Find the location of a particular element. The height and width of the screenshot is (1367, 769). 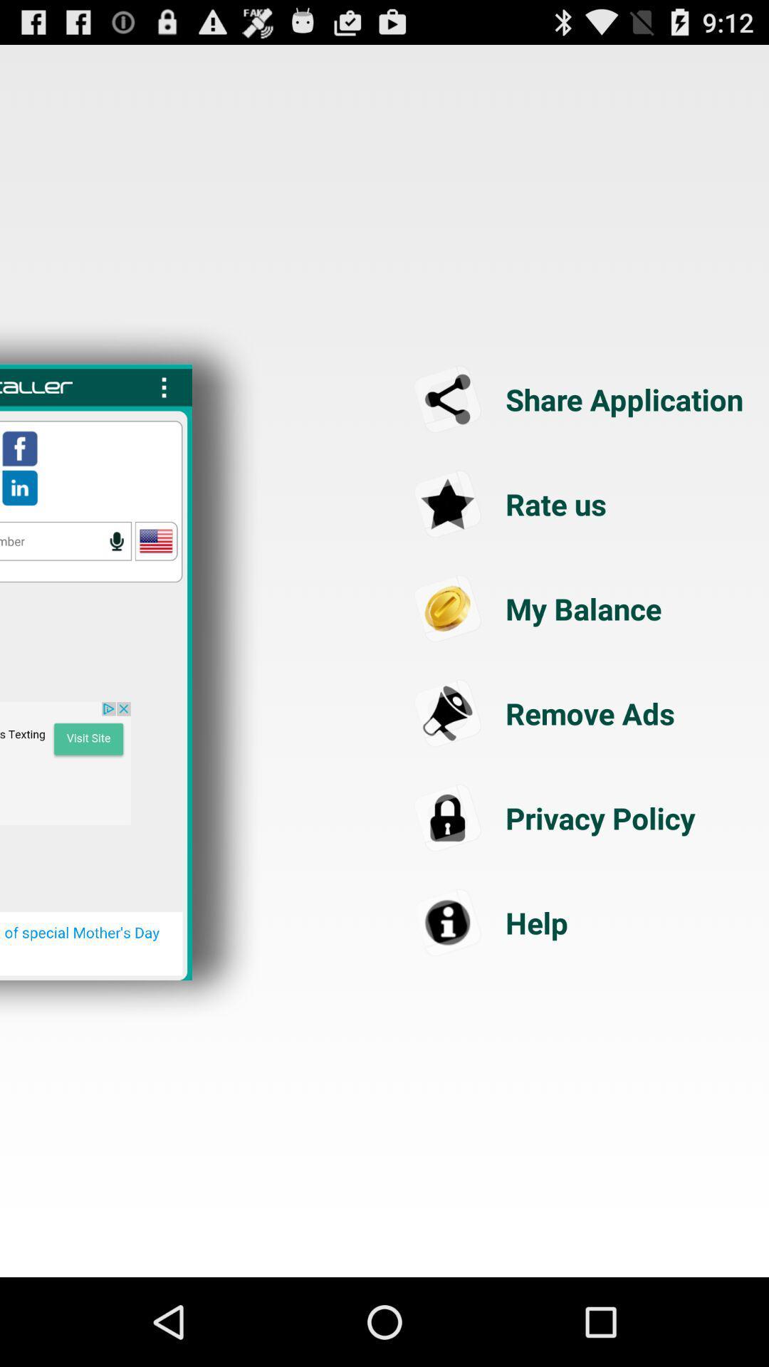

the more icon is located at coordinates (164, 414).